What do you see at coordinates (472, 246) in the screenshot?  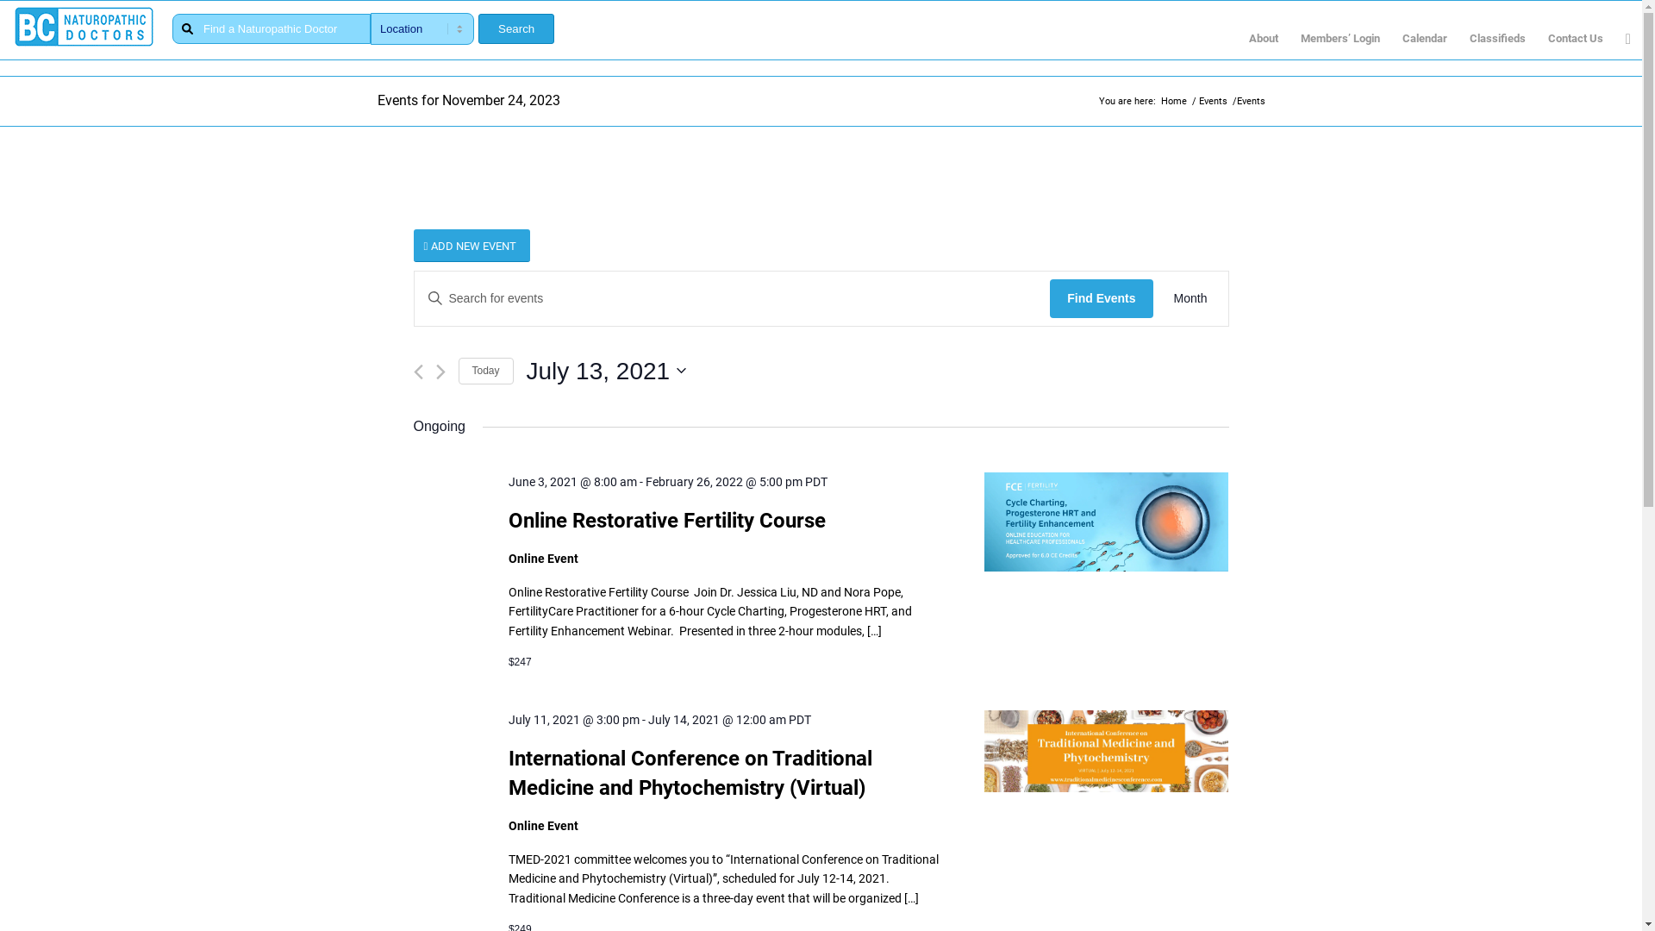 I see `'ADD NEW EVENT'` at bounding box center [472, 246].